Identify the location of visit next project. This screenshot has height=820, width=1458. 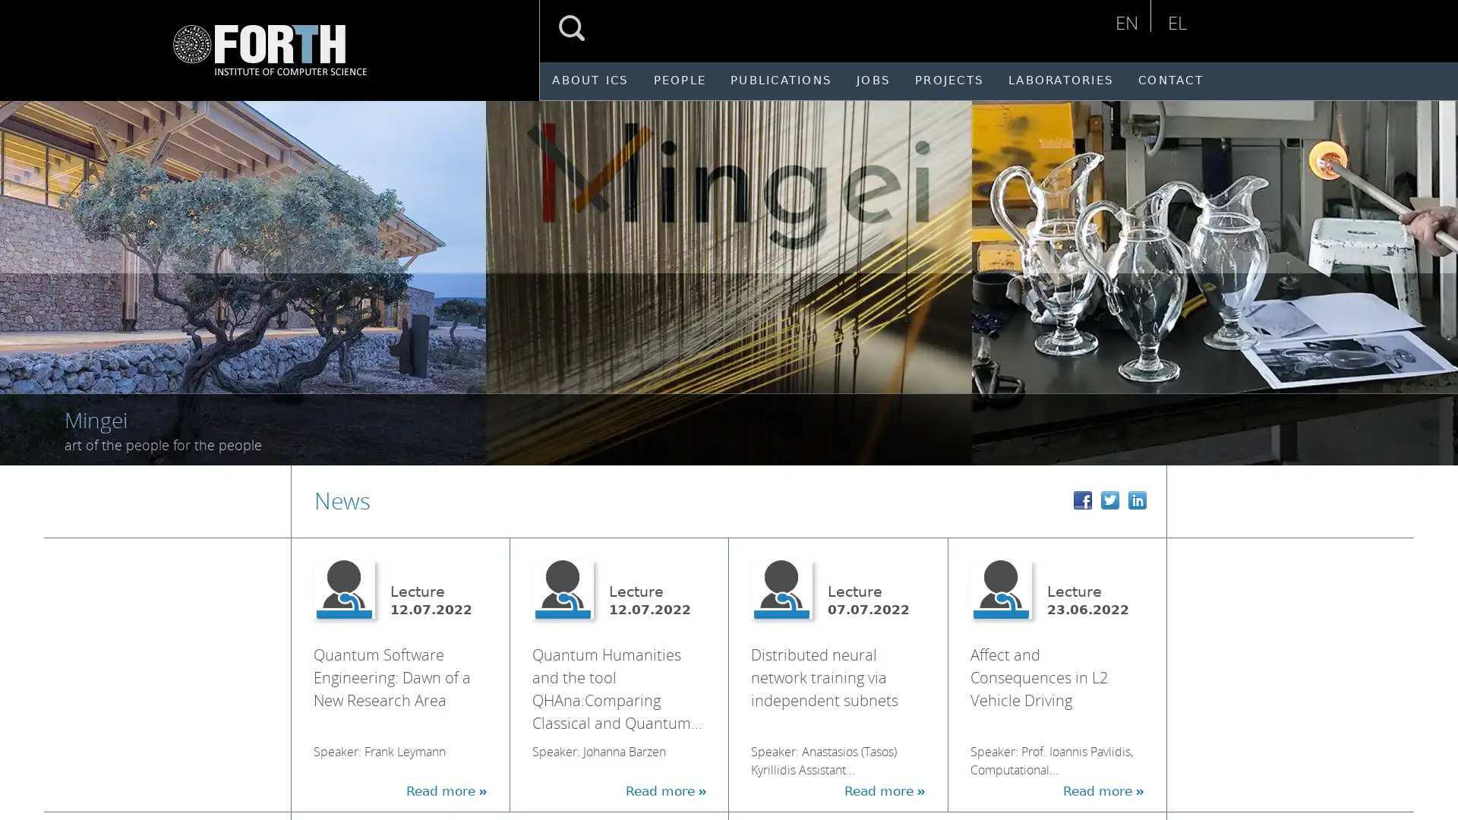
(1434, 274).